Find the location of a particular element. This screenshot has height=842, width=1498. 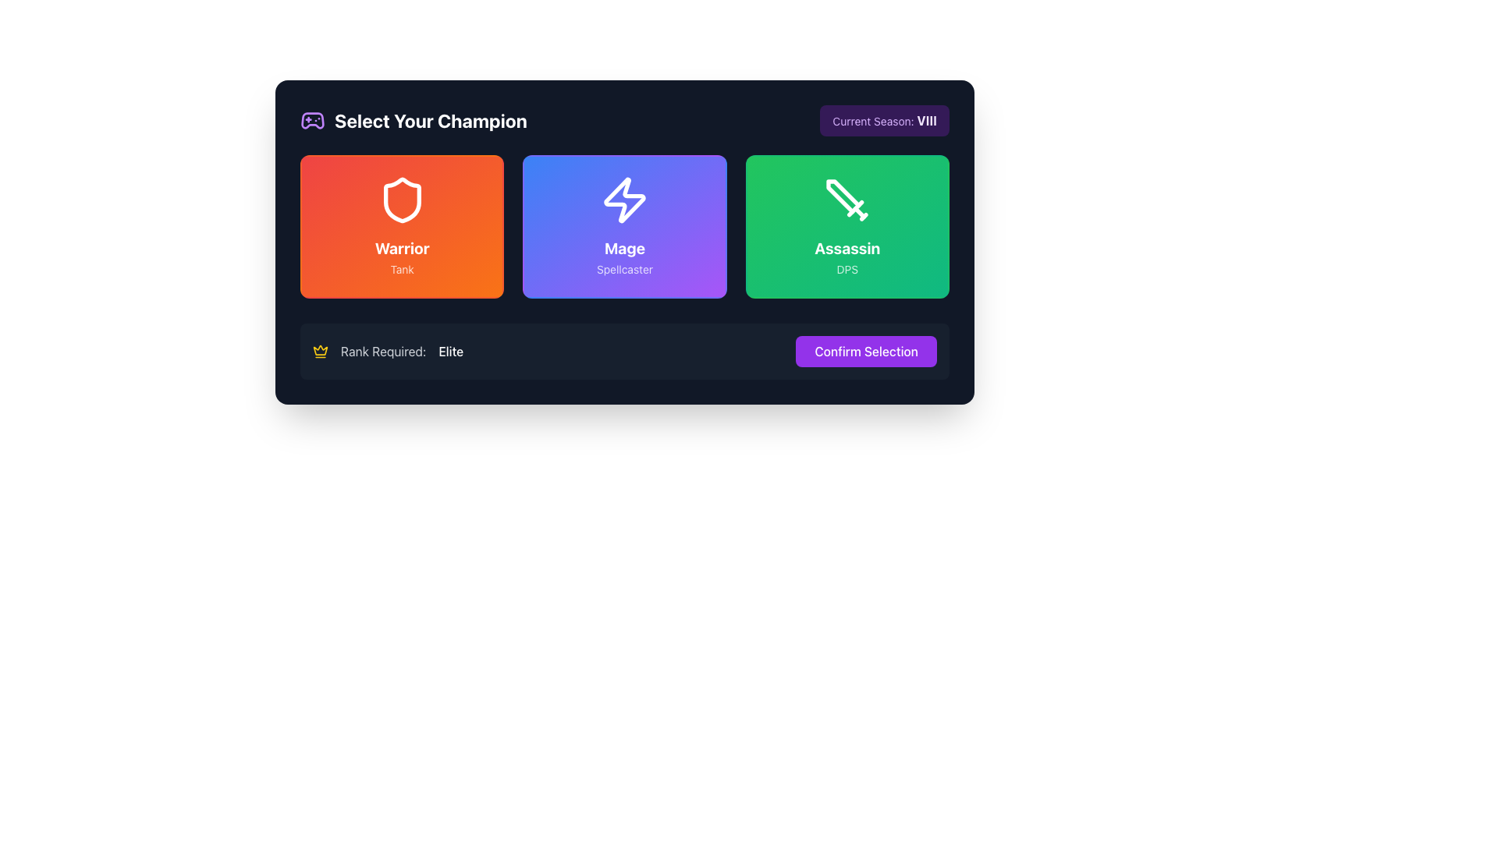

the sword icon located near the top-left corner of the green box labeled 'Assassin' is located at coordinates (843, 196).